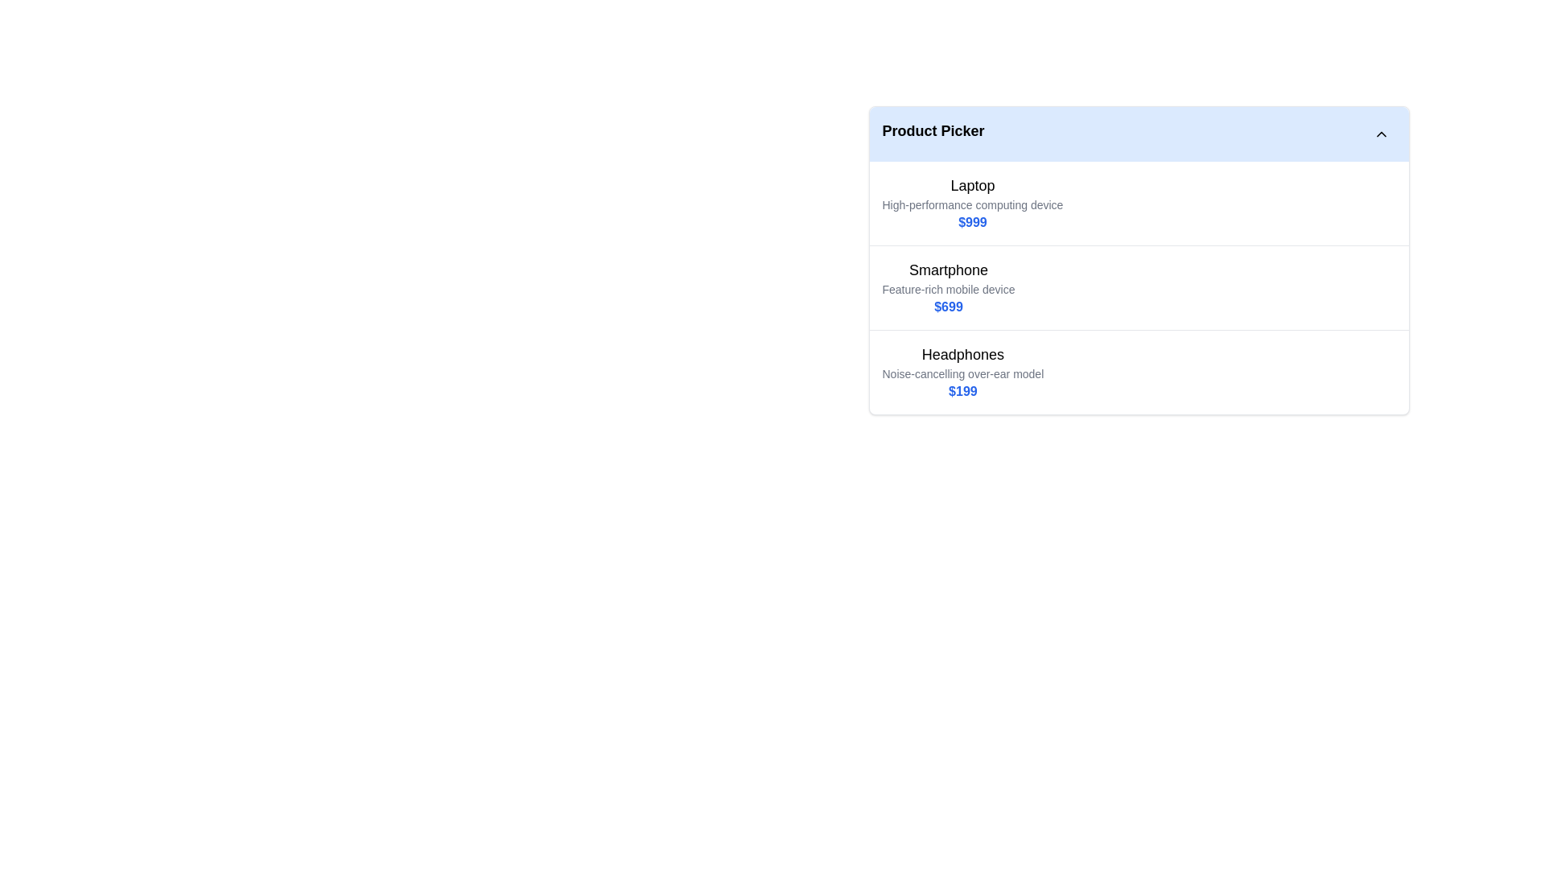  What do you see at coordinates (962, 372) in the screenshot?
I see `product details displayed in the third text block of the 'Product Picker' selection panel, located between 'Smartphone' and the empty space below` at bounding box center [962, 372].